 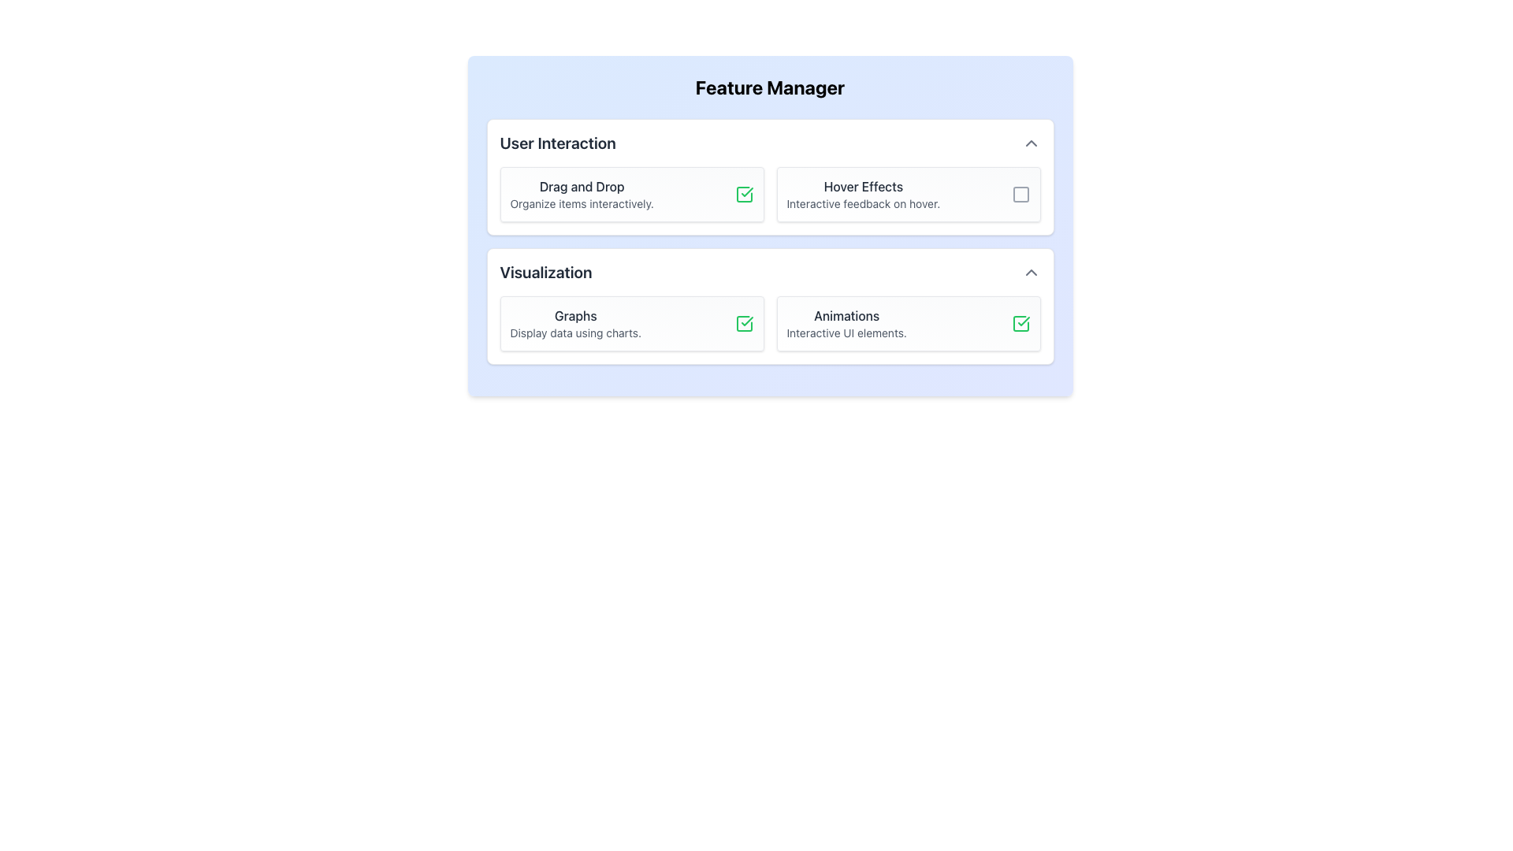 What do you see at coordinates (1020, 323) in the screenshot?
I see `the selection status icon located in the bottom-right region of the 'Animations' card` at bounding box center [1020, 323].